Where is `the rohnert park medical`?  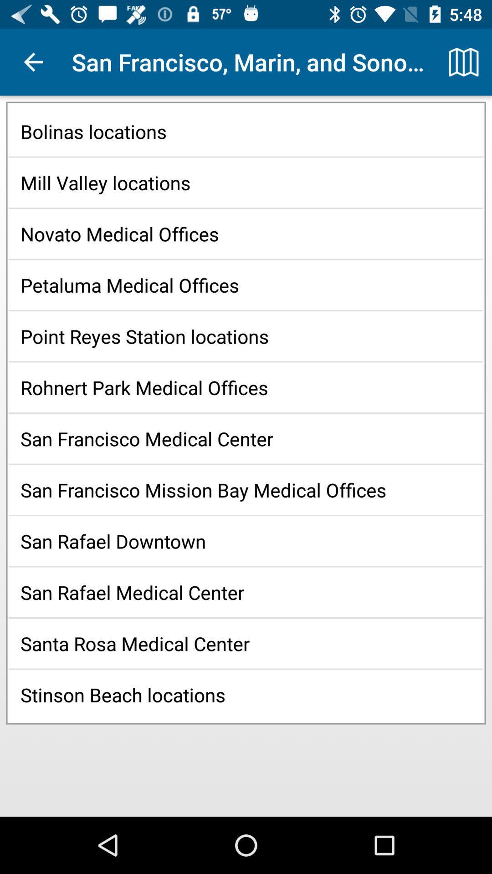
the rohnert park medical is located at coordinates (246, 387).